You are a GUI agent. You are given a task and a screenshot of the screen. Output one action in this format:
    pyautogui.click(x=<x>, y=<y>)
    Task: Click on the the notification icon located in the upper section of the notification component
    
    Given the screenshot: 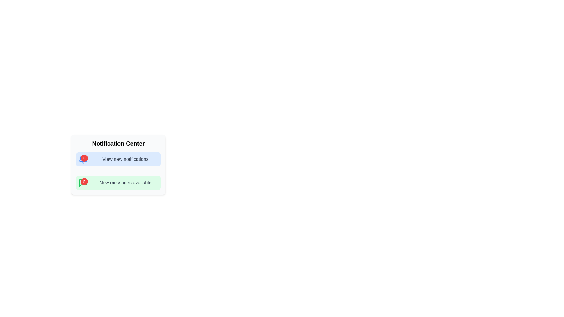 What is the action you would take?
    pyautogui.click(x=83, y=158)
    